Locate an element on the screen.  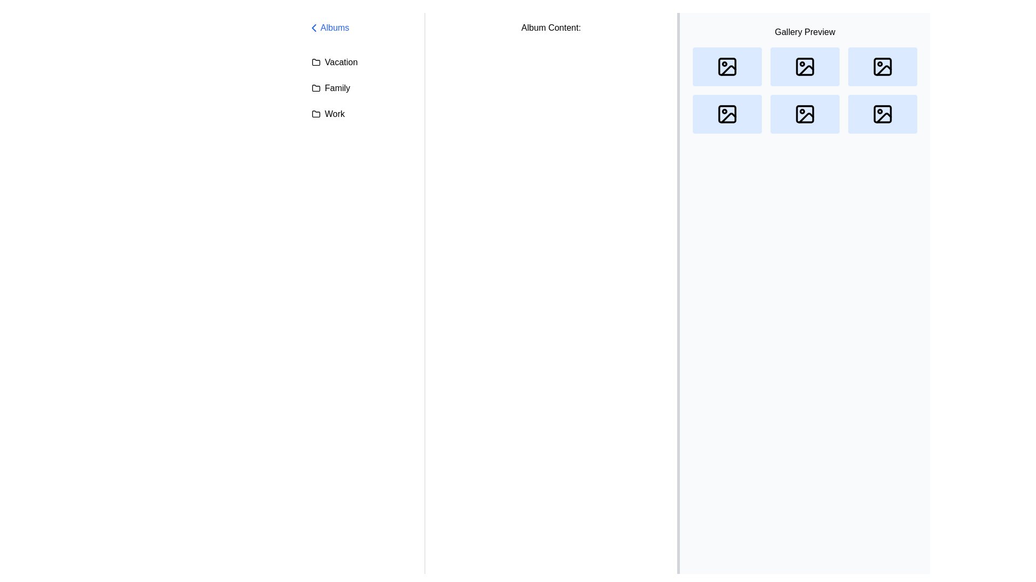
the second item in the vertical list located in the left sidebar, which represents the 'Family' category is located at coordinates (362, 88).